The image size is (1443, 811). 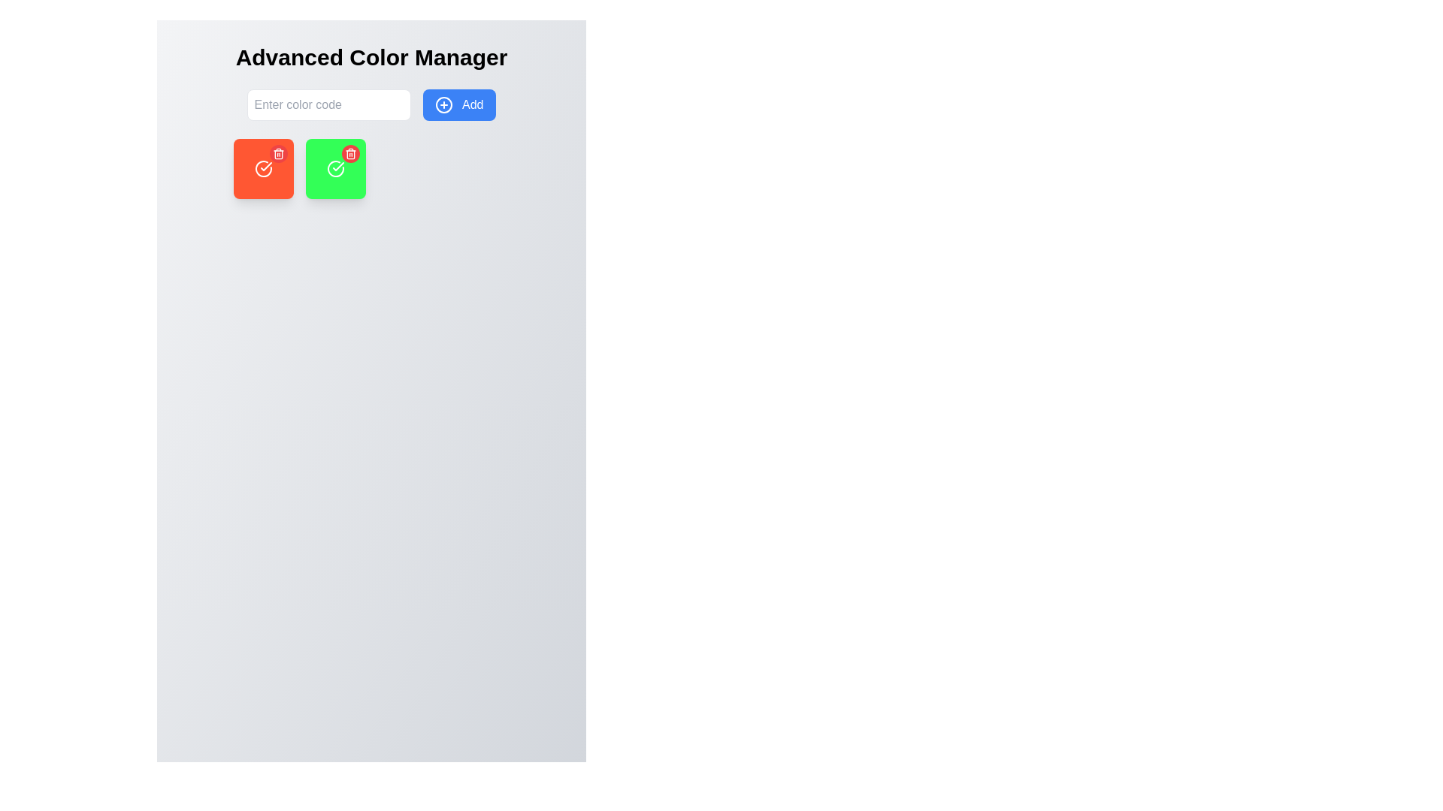 I want to click on the prominently styled header labeled 'Advanced Color Manager', which is positioned at the top center of the interface, so click(x=371, y=57).